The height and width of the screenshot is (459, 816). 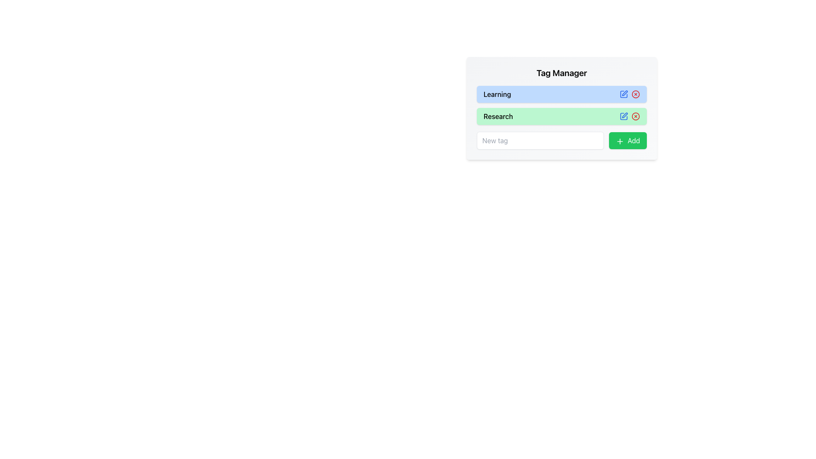 I want to click on the visual state of the Circular SVG element, which is a decorative component with a thin border, located in the second row of an interactive control structure, adjacent to a similar button, so click(x=636, y=116).